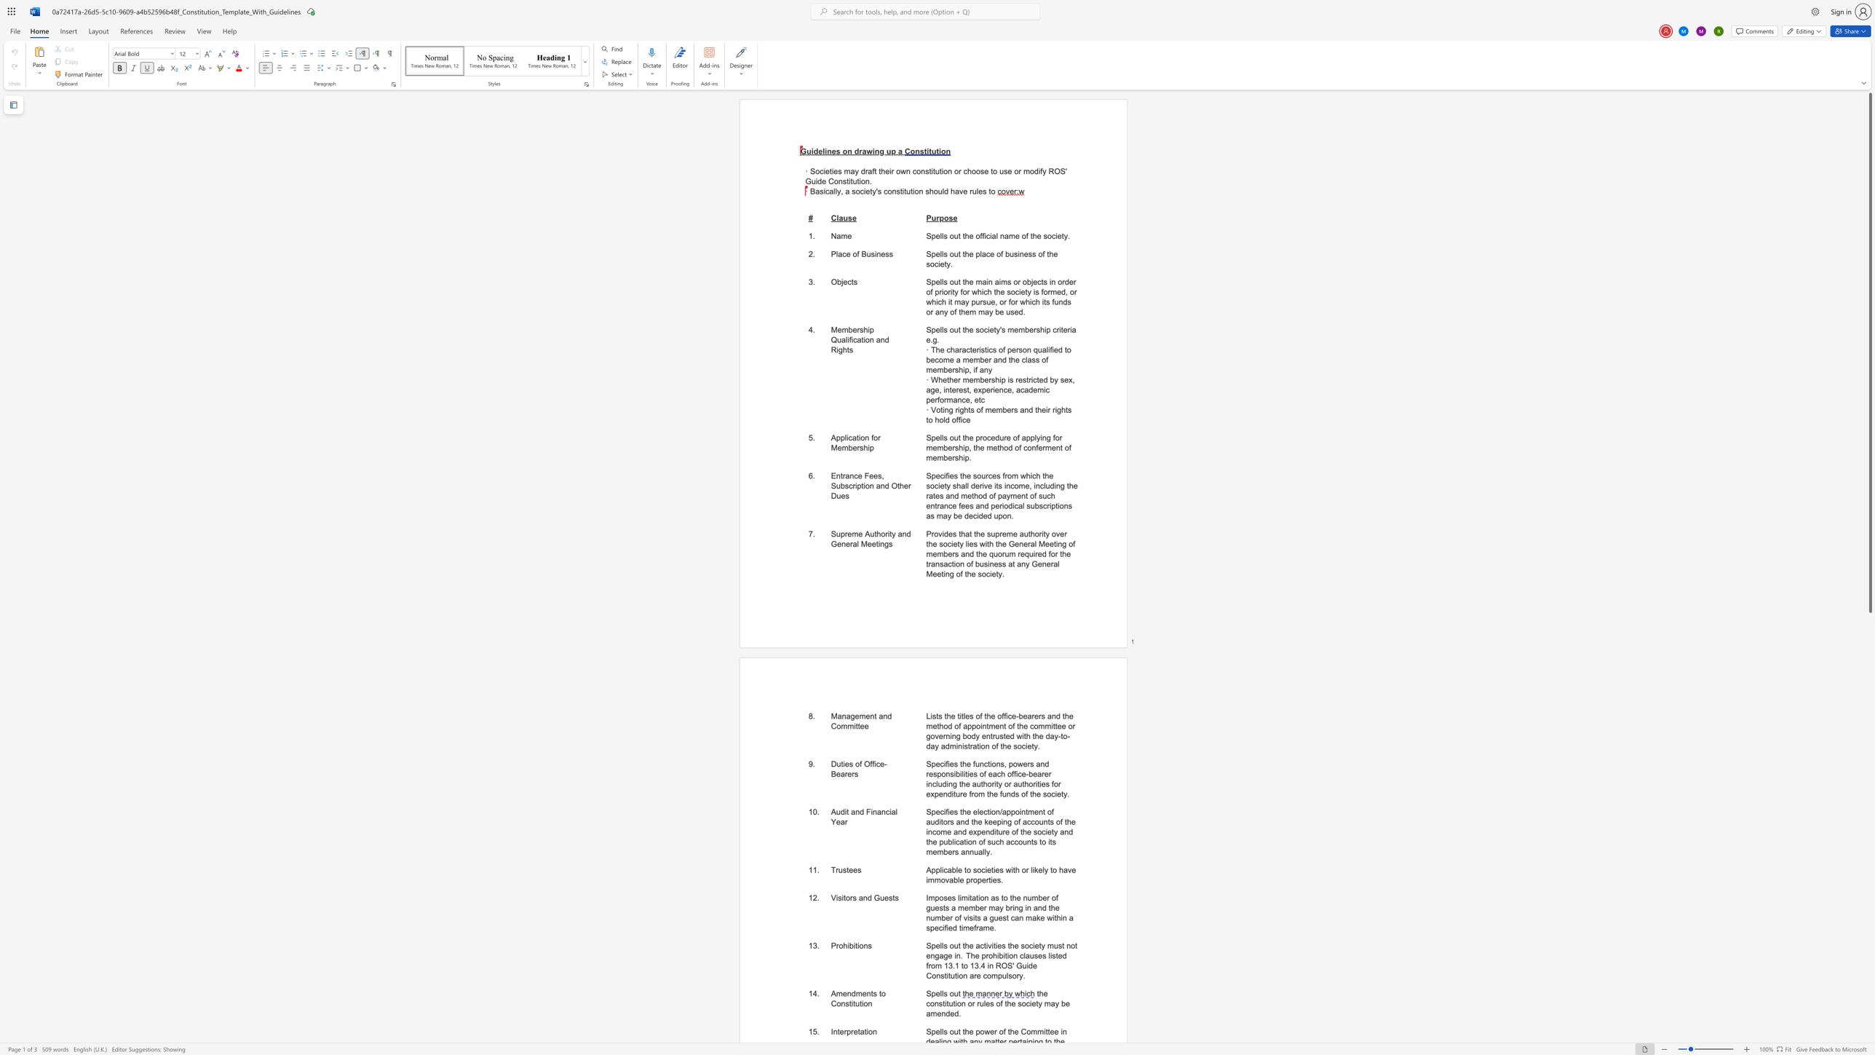 This screenshot has height=1055, width=1875. I want to click on the subset text "and Righ" within the text "Membership Qualification and Rights", so click(876, 339).